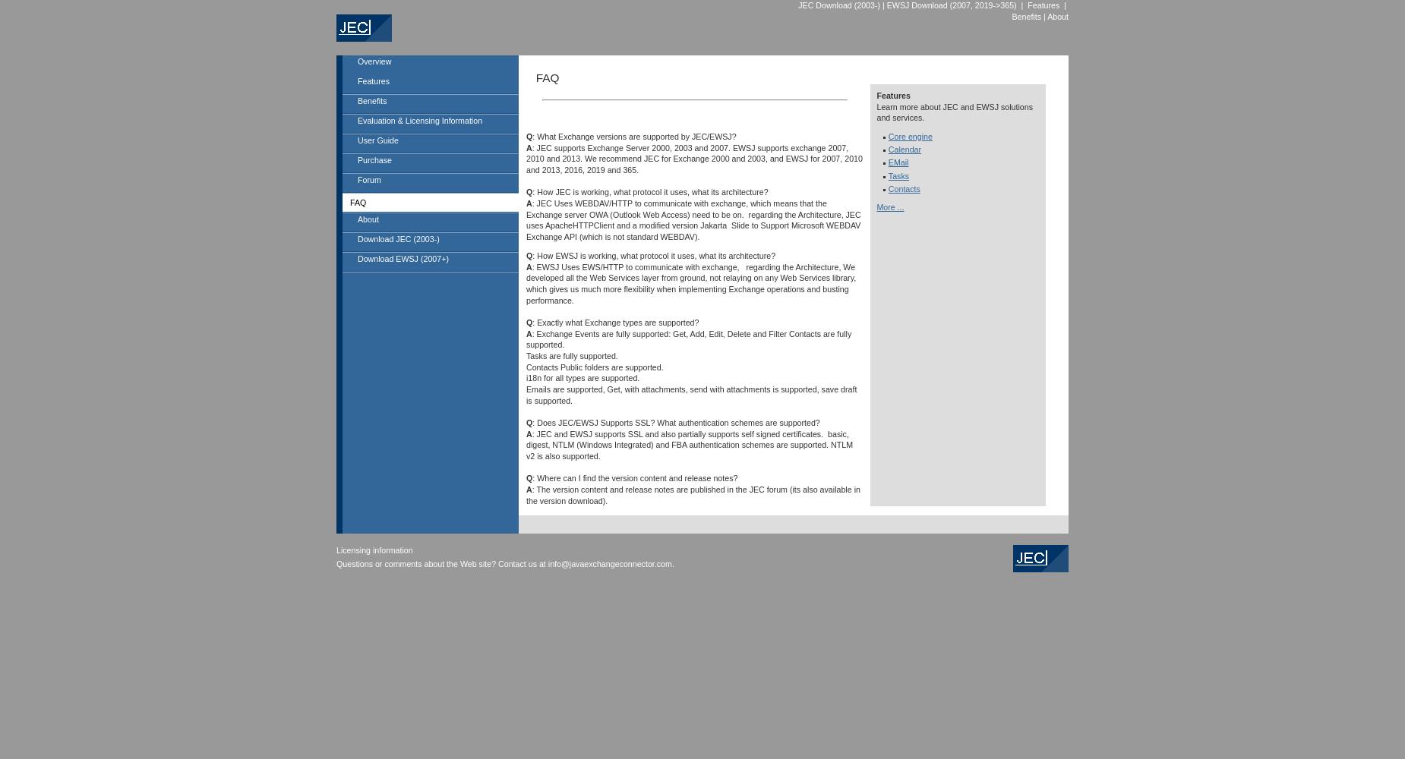 This screenshot has width=1405, height=759. Describe the element at coordinates (887, 162) in the screenshot. I see `'EMail'` at that location.